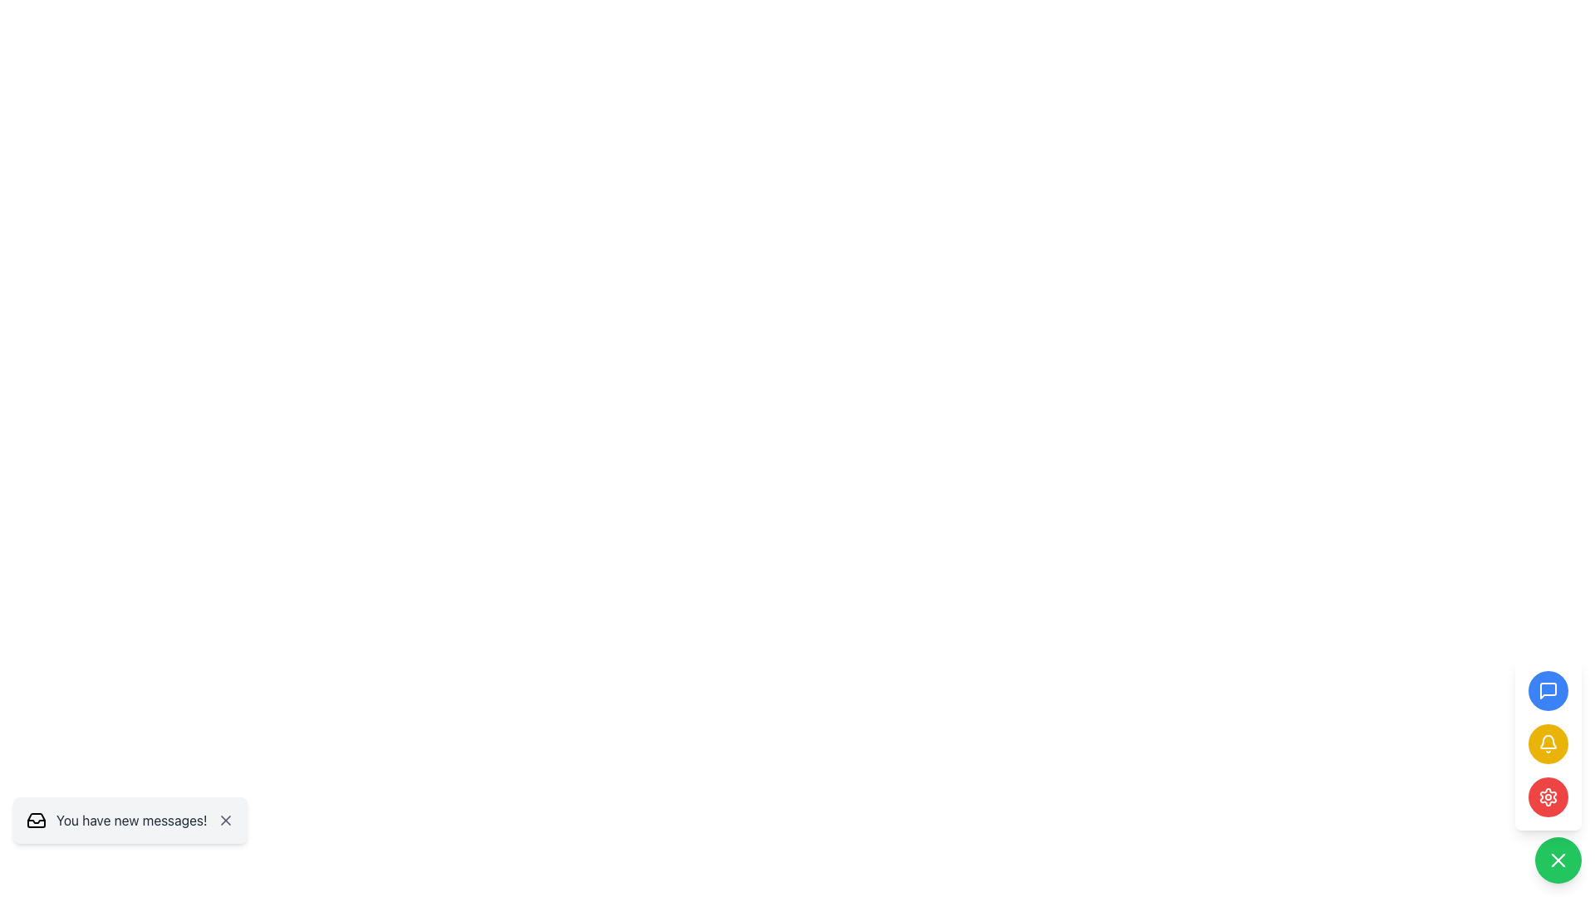 Image resolution: width=1595 pixels, height=897 pixels. What do you see at coordinates (224, 819) in the screenshot?
I see `the close button located at the bottom-left notification area` at bounding box center [224, 819].